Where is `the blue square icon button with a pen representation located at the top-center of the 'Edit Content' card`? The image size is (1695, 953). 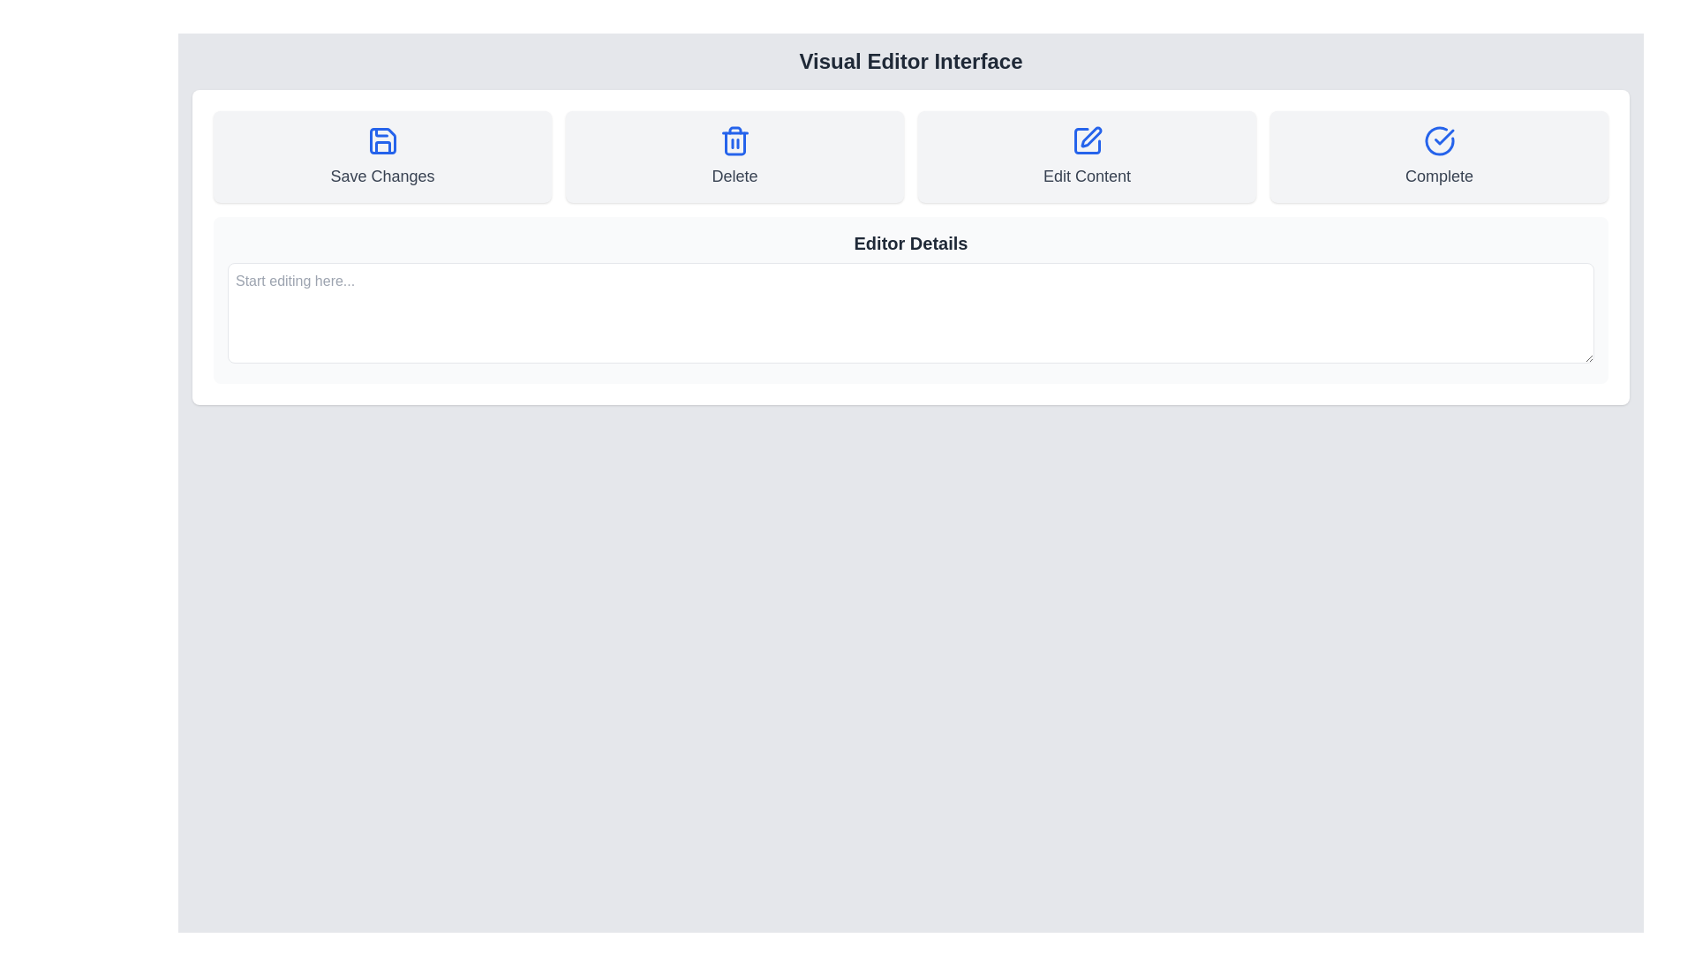
the blue square icon button with a pen representation located at the top-center of the 'Edit Content' card is located at coordinates (1086, 139).